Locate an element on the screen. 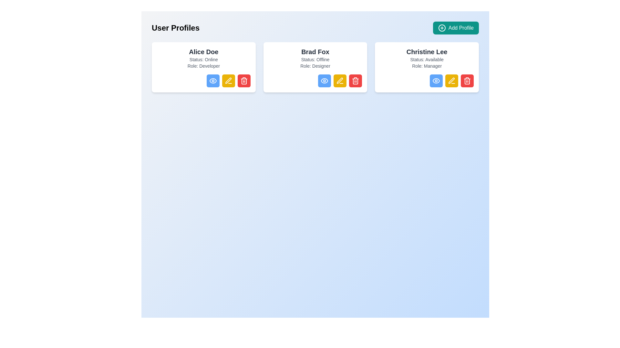 The image size is (620, 348). the user profile card displaying information about 'Christine Lee' in the top right corner of the grid, which includes action buttons for viewing, editing, and deleting the profile is located at coordinates (427, 67).